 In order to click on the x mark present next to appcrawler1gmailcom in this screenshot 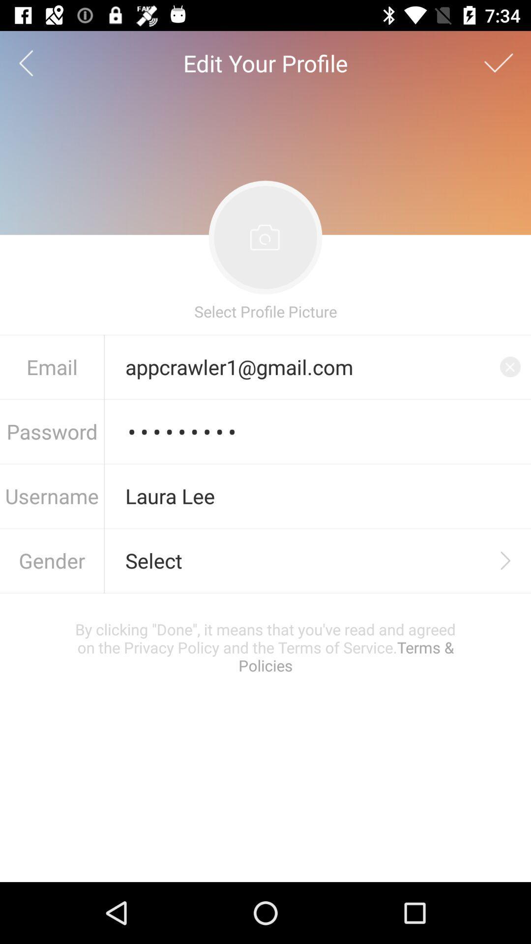, I will do `click(509, 366)`.